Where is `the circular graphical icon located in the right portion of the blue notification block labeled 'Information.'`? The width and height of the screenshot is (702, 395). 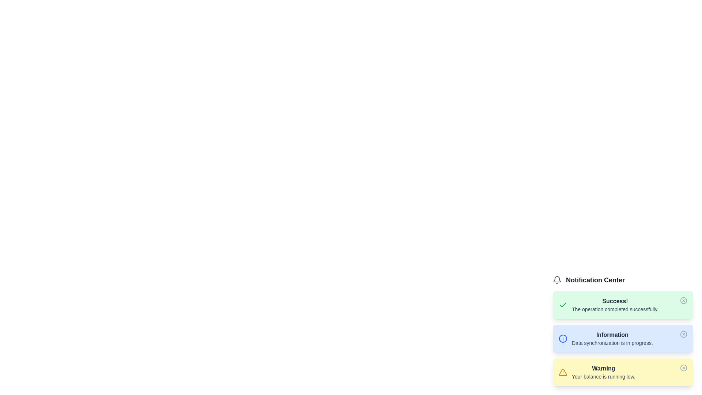
the circular graphical icon located in the right portion of the blue notification block labeled 'Information.' is located at coordinates (683, 334).